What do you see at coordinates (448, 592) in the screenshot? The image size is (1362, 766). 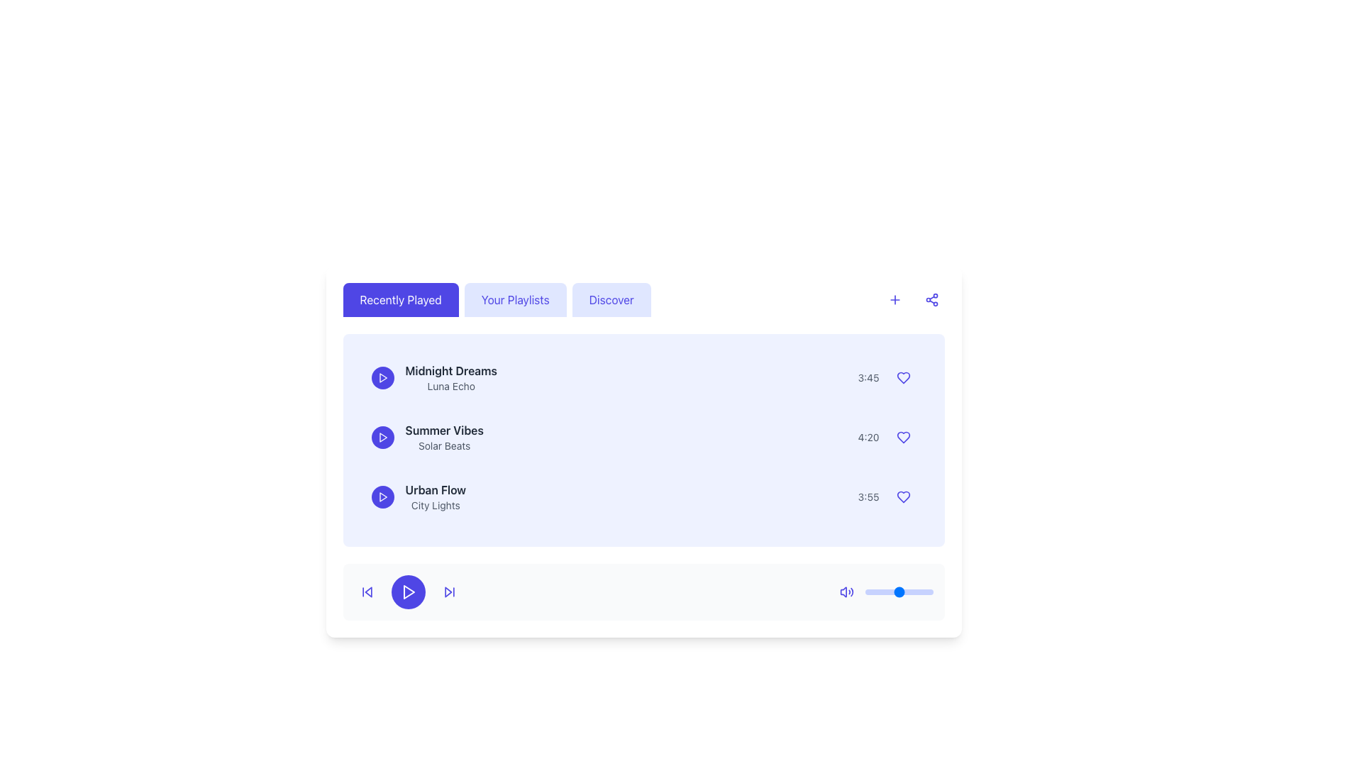 I see `the 'skip forward' button, which is the third button in the bottom control bar, featuring an indigo-colored triangle and vertical bar icon, to skip to the next track` at bounding box center [448, 592].